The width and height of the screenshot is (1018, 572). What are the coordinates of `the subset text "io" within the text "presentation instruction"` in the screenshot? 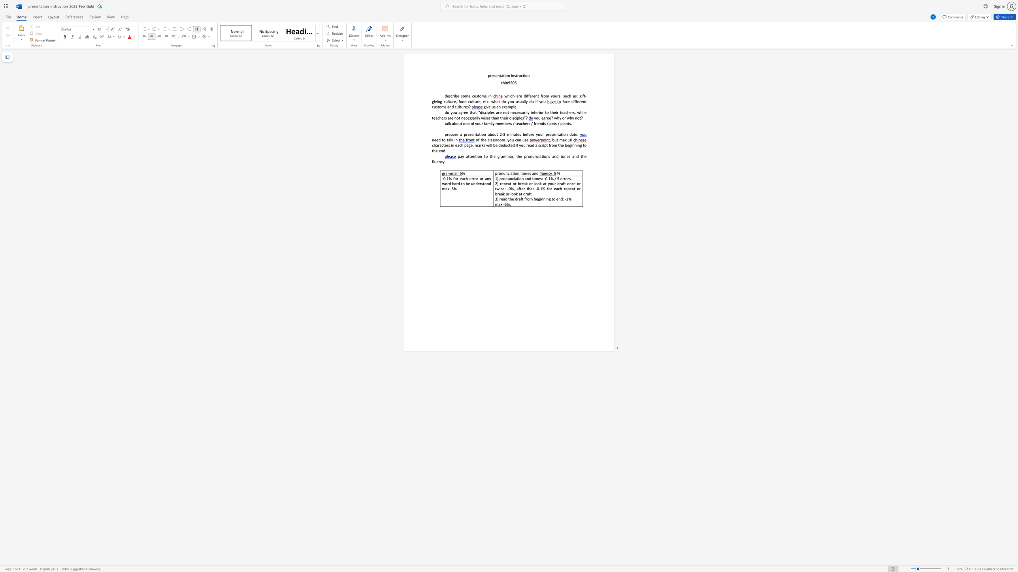 It's located at (504, 75).